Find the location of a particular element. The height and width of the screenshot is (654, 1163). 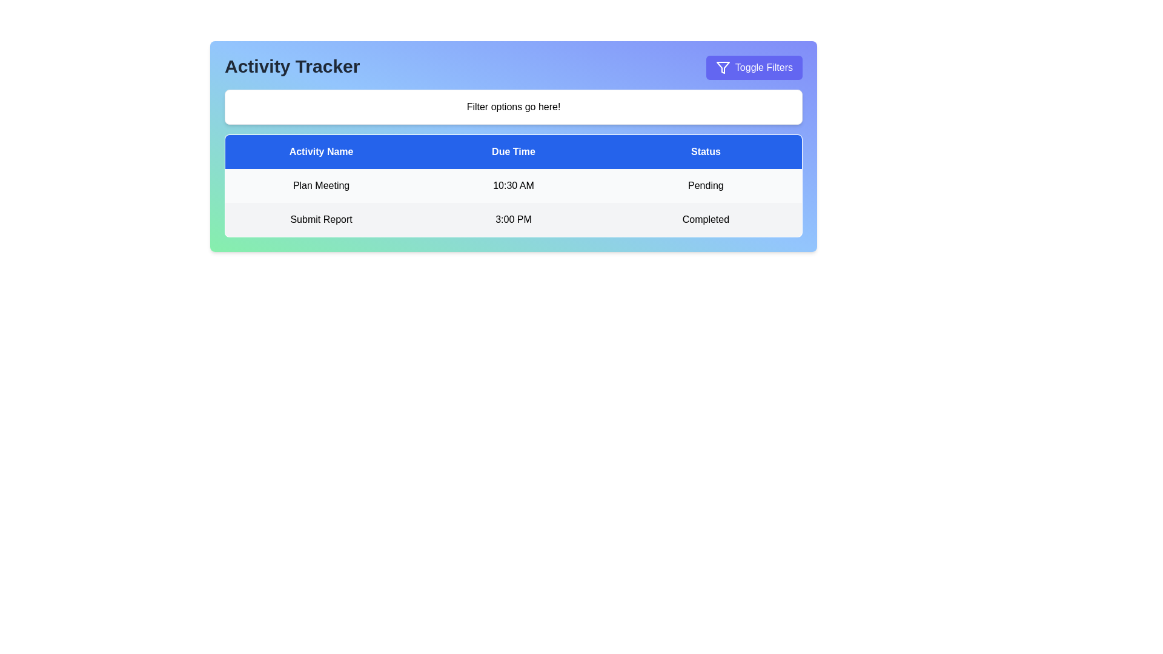

the Table Header Row with a blue background and white text that contains 'Activity Name', 'Due Time', and 'Status', positioned at the top of the table is located at coordinates (514, 151).